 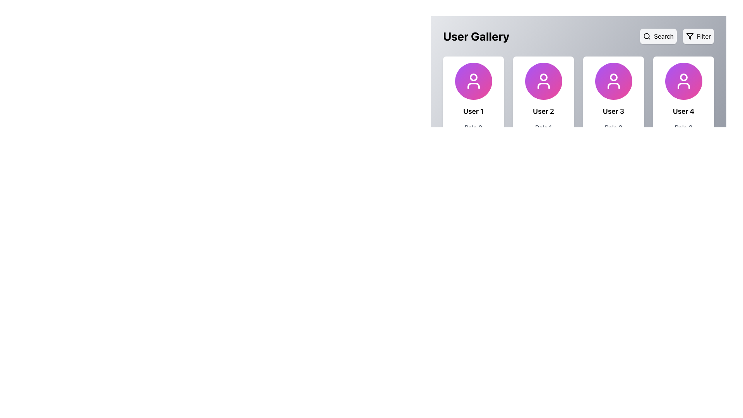 I want to click on the triangular filter icon located at the top right corner of the interface, so click(x=690, y=36).